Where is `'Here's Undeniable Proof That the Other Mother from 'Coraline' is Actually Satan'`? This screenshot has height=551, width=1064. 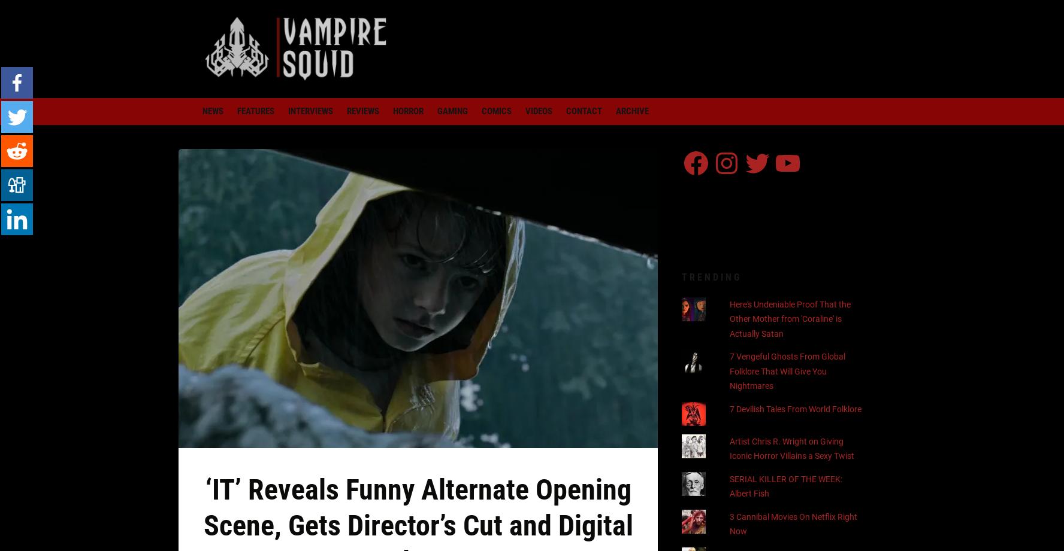
'Here's Undeniable Proof That the Other Mother from 'Coraline' is Actually Satan' is located at coordinates (789, 318).